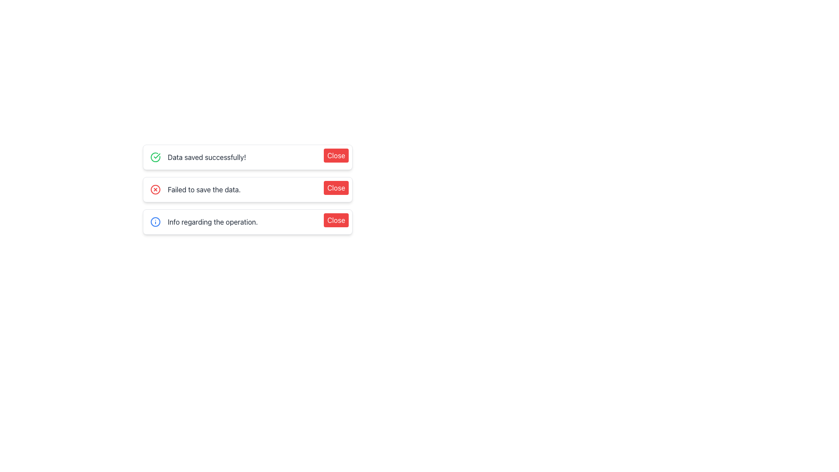 This screenshot has height=472, width=839. What do you see at coordinates (155, 156) in the screenshot?
I see `the circular icon with a green outline and a checkmark inside it, which indicates that data has been saved successfully` at bounding box center [155, 156].